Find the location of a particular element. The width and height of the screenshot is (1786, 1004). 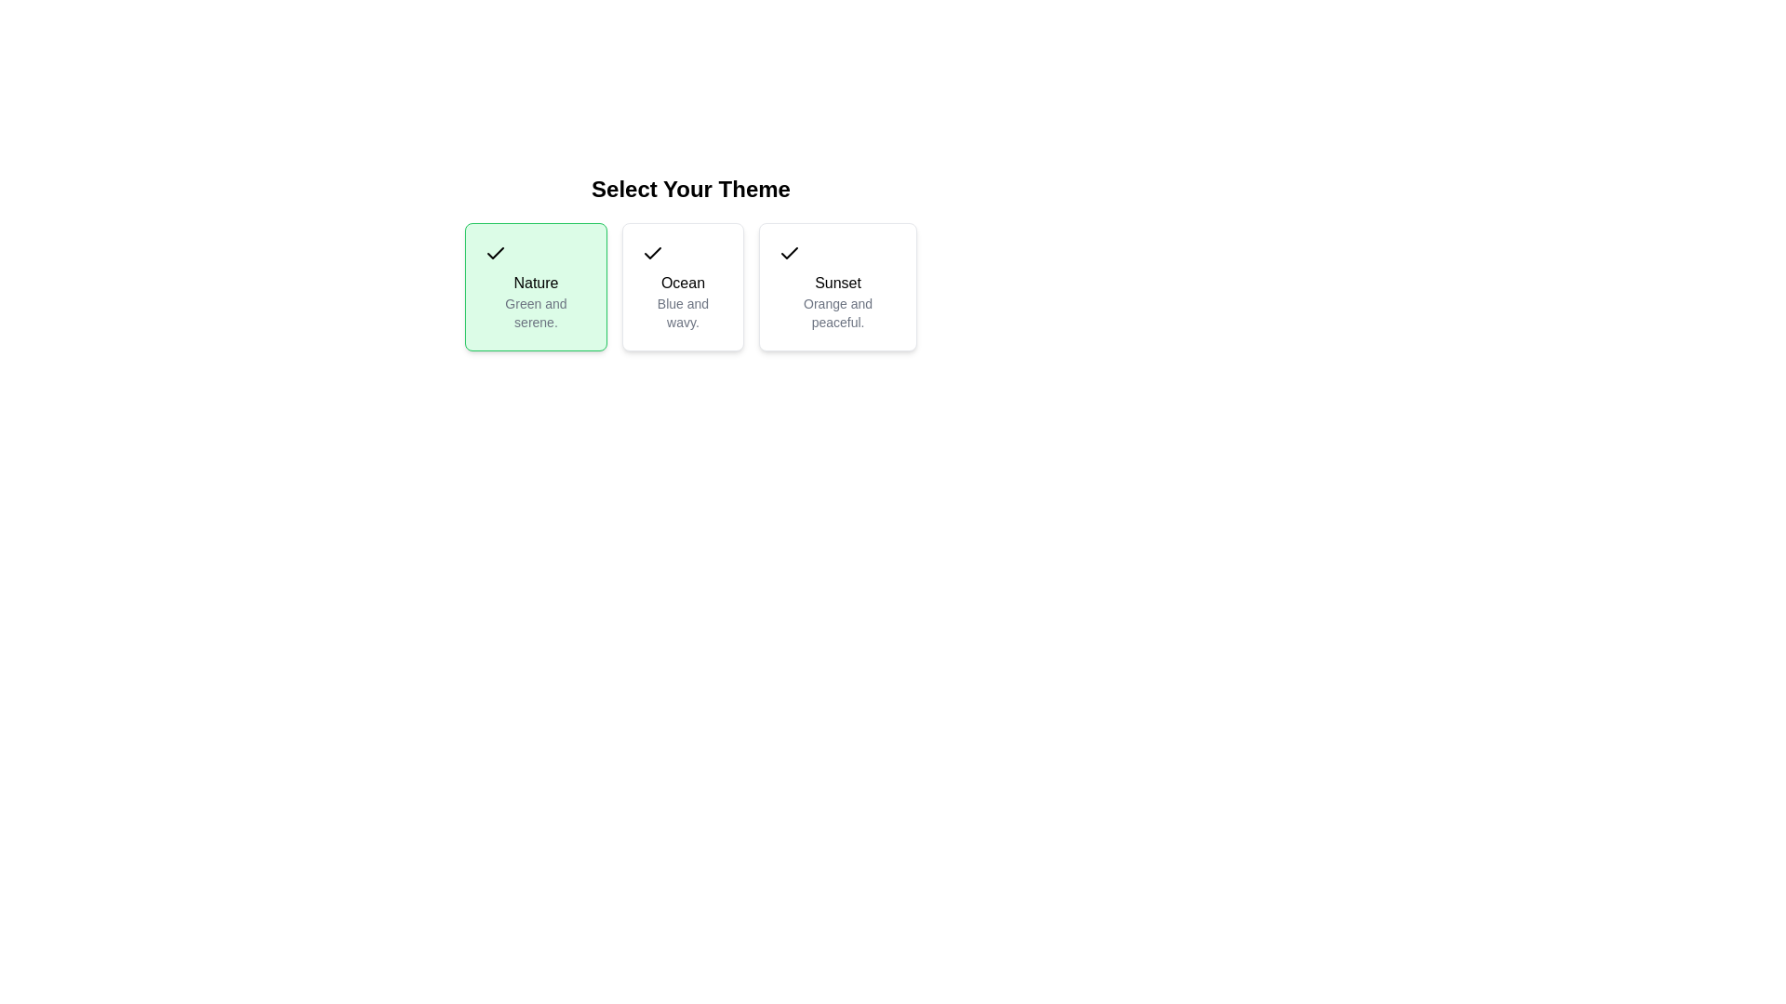

text block labeled 'Select Your Theme', which is styled in a large, bold font and positioned above the theme selection options is located at coordinates (690, 190).